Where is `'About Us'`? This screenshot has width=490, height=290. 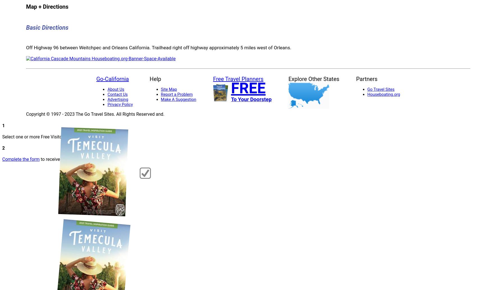 'About Us' is located at coordinates (116, 89).